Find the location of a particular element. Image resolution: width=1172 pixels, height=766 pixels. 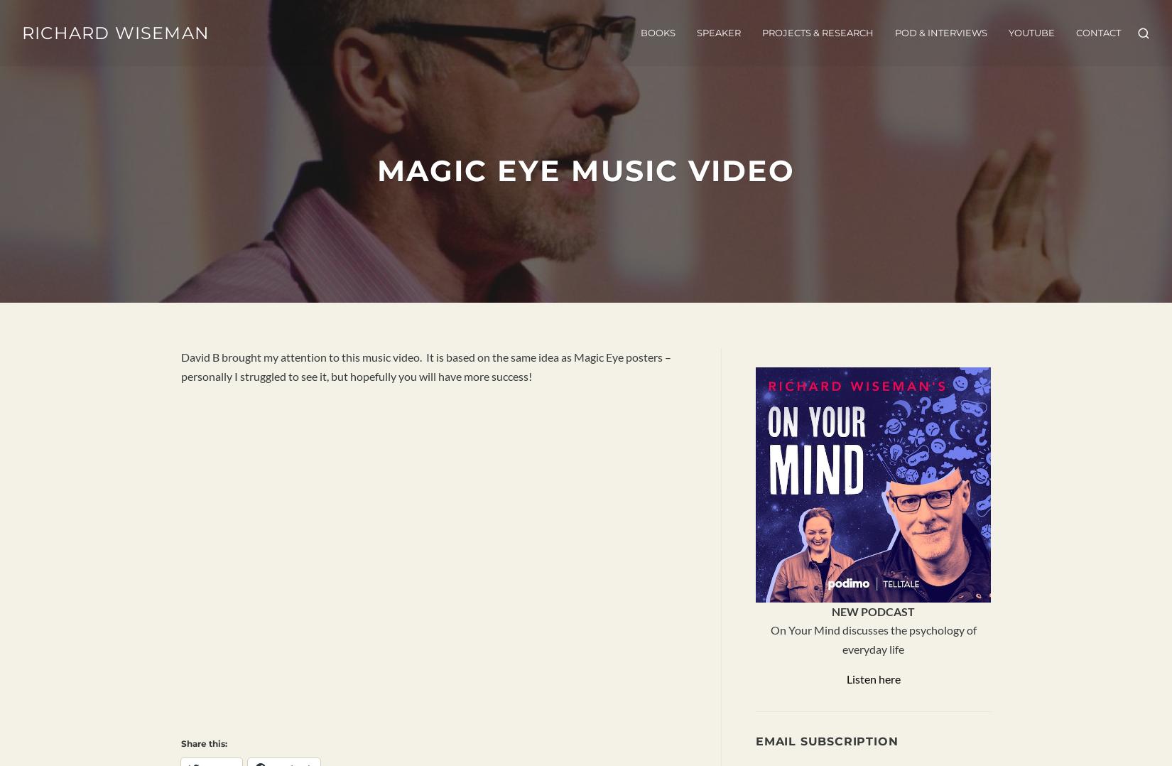

'Listen here' is located at coordinates (872, 677).